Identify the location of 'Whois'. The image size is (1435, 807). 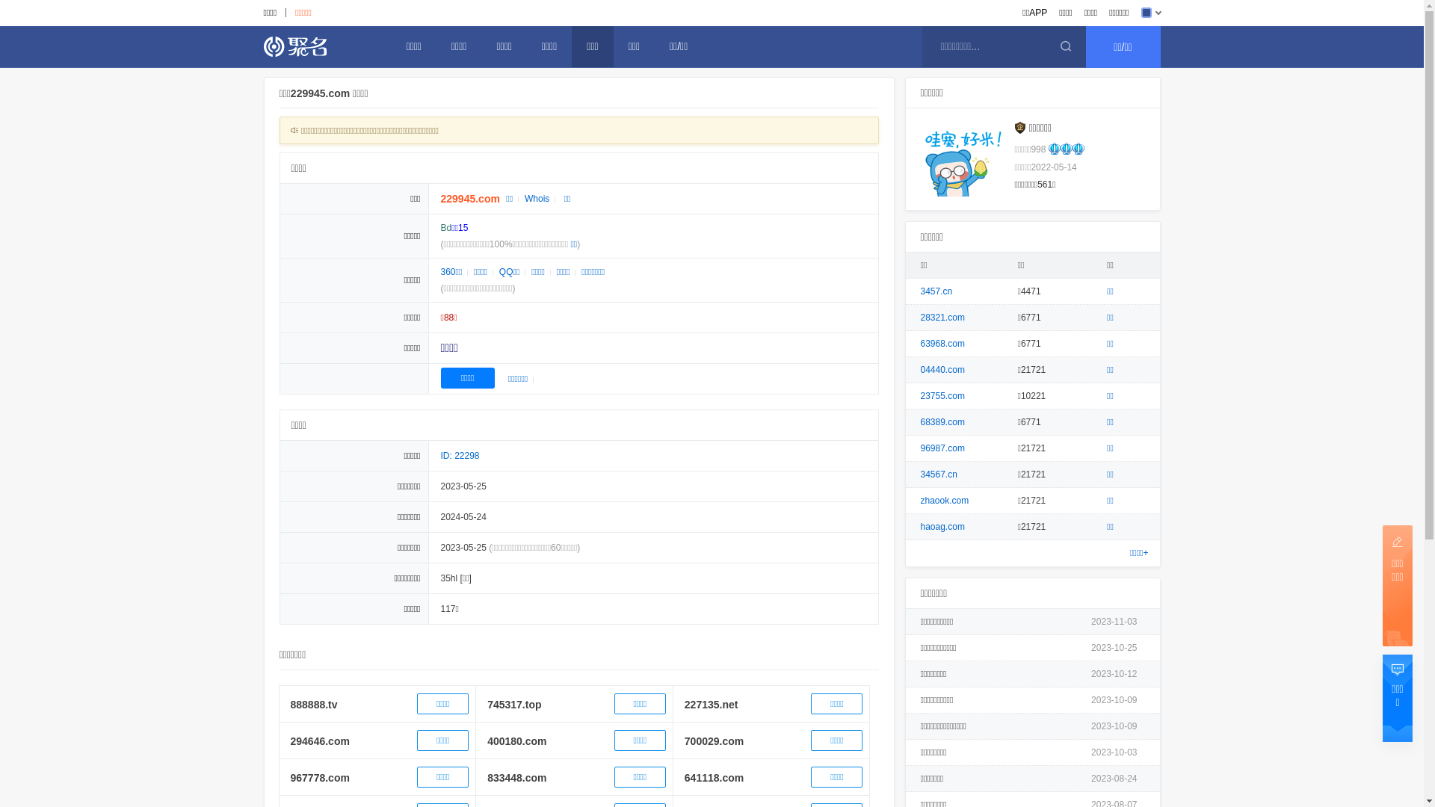
(519, 198).